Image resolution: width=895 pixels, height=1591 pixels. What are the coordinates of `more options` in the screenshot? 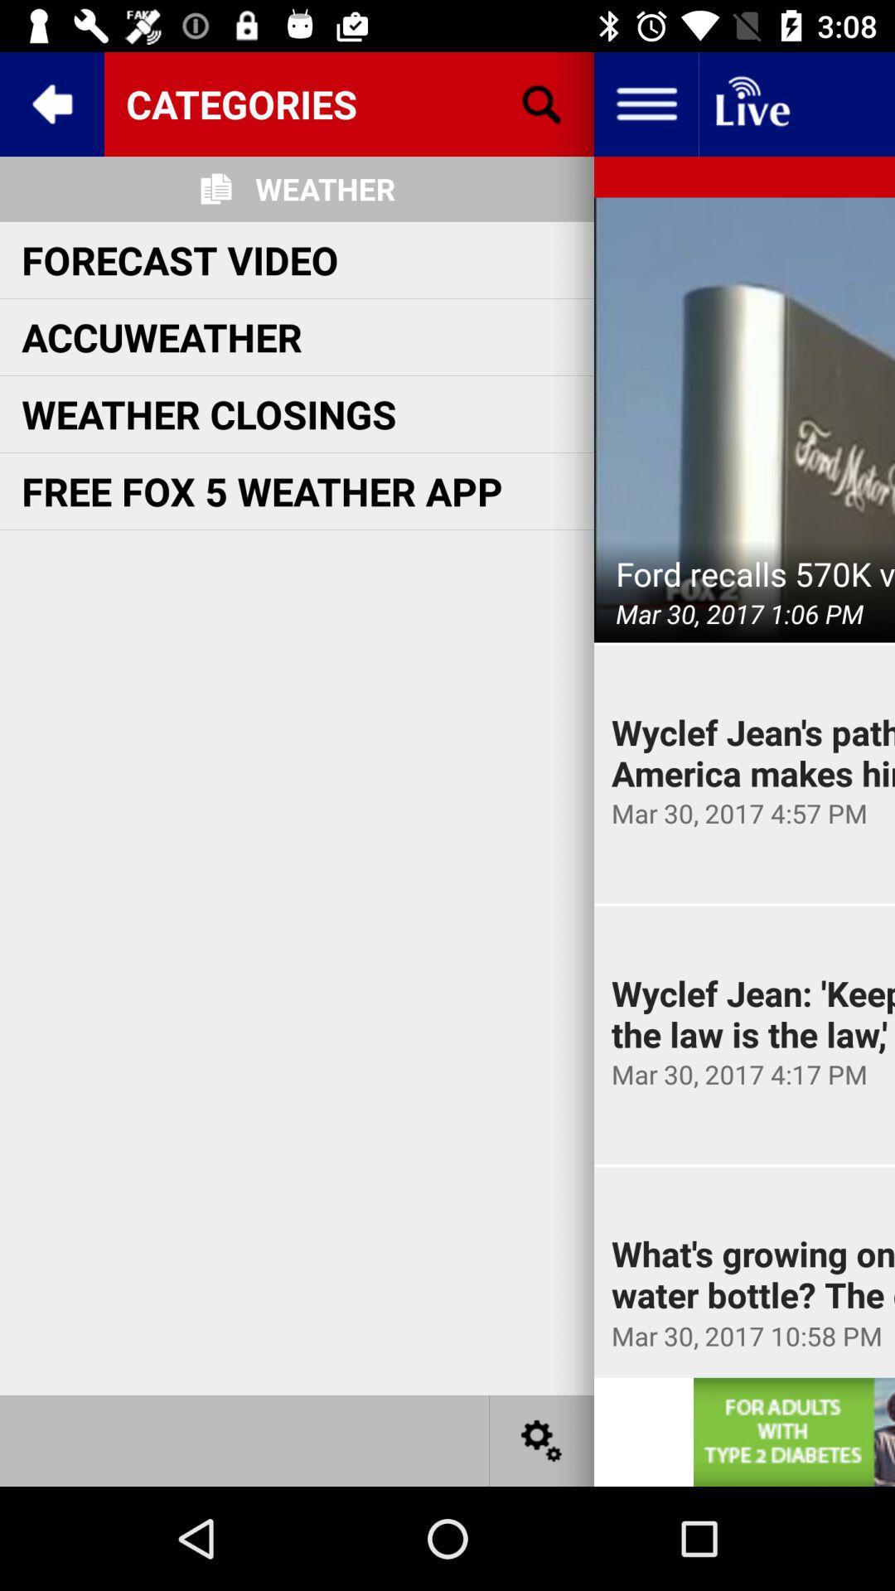 It's located at (542, 1439).